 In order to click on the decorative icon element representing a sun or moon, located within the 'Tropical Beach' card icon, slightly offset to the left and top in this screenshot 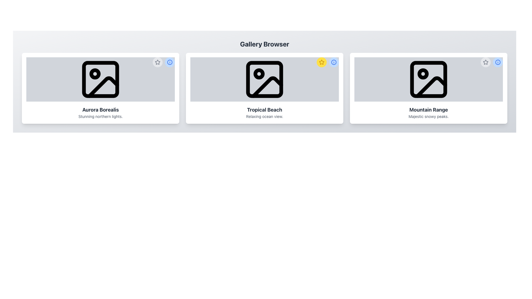, I will do `click(259, 73)`.